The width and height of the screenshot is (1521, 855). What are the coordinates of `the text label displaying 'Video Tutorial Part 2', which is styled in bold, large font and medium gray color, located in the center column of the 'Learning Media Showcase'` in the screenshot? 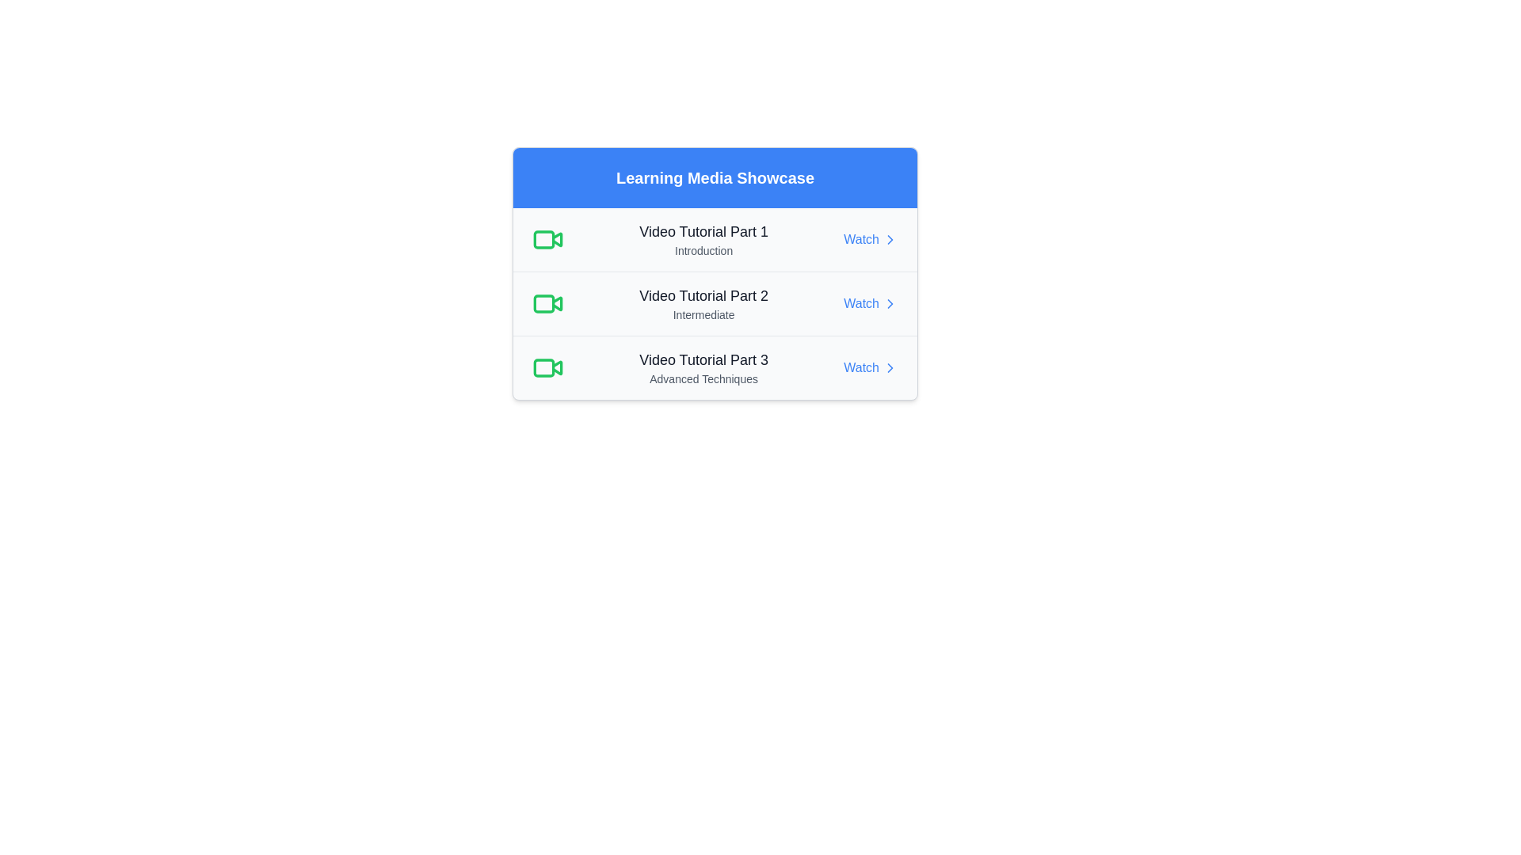 It's located at (703, 296).